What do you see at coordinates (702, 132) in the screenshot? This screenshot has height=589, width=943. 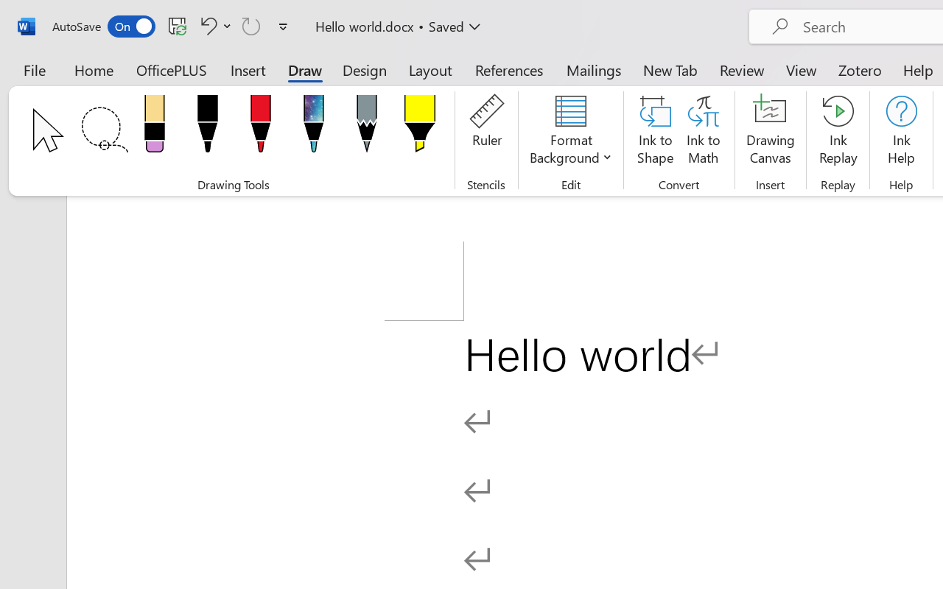 I see `'Ink to Math'` at bounding box center [702, 132].